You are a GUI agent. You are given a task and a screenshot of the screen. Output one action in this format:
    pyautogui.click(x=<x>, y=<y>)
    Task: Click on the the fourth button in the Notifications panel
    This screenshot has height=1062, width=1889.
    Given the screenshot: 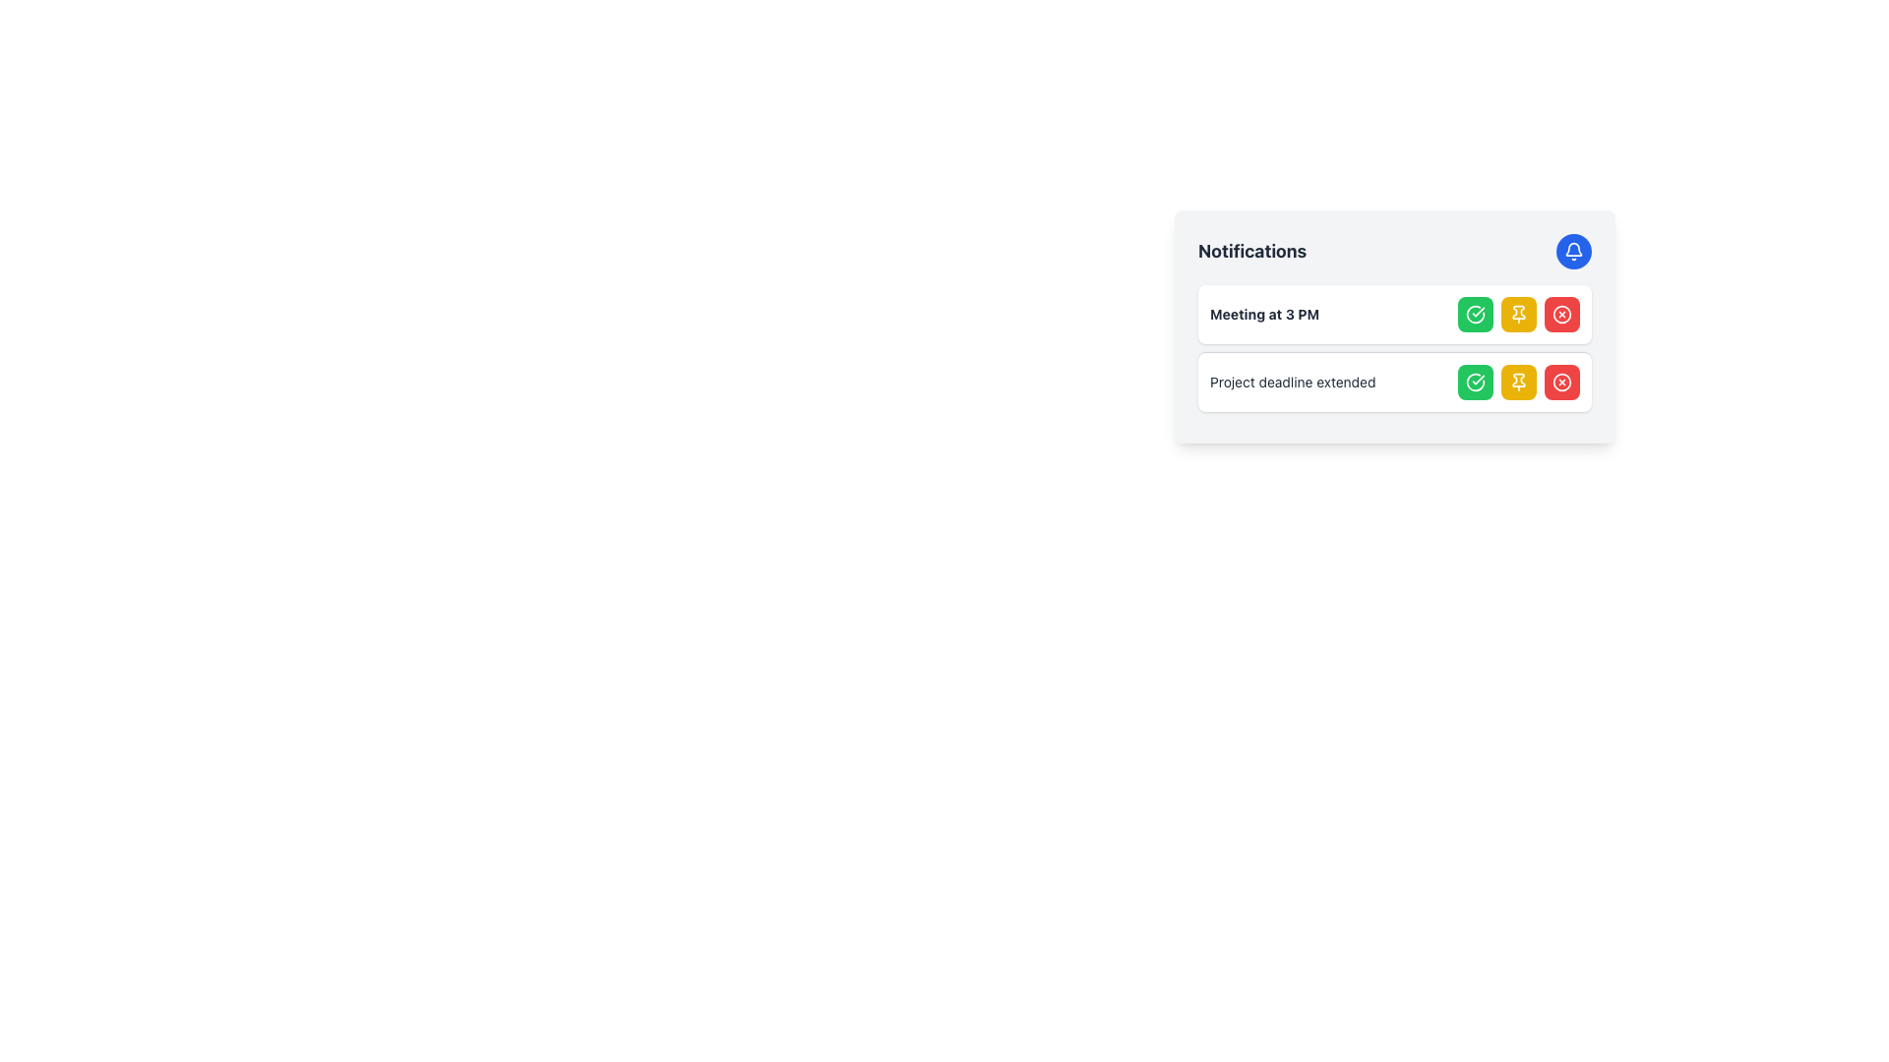 What is the action you would take?
    pyautogui.click(x=1561, y=314)
    